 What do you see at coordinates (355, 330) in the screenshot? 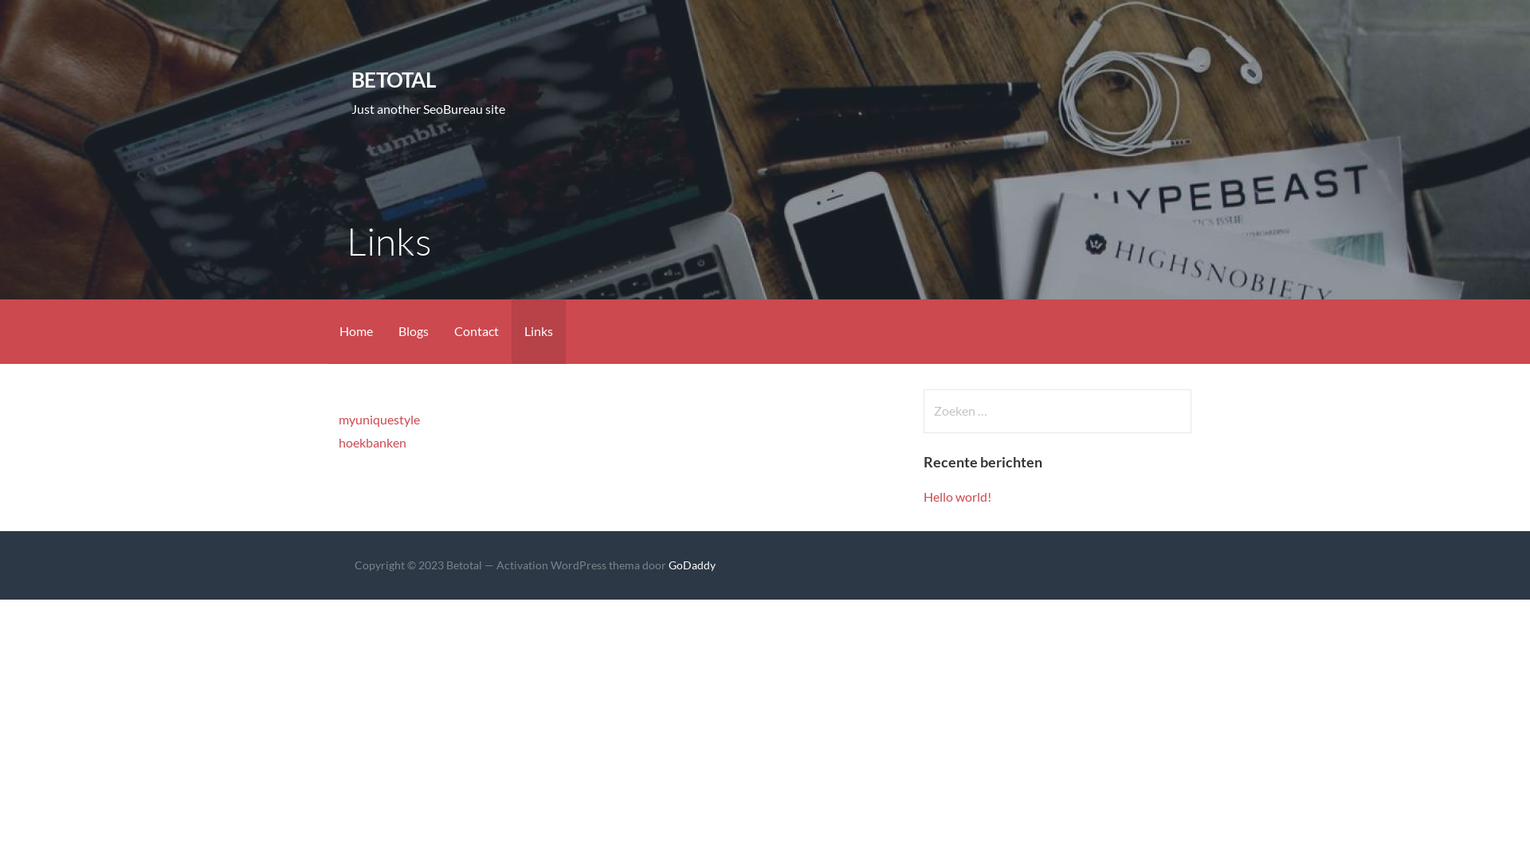
I see `'Home'` at bounding box center [355, 330].